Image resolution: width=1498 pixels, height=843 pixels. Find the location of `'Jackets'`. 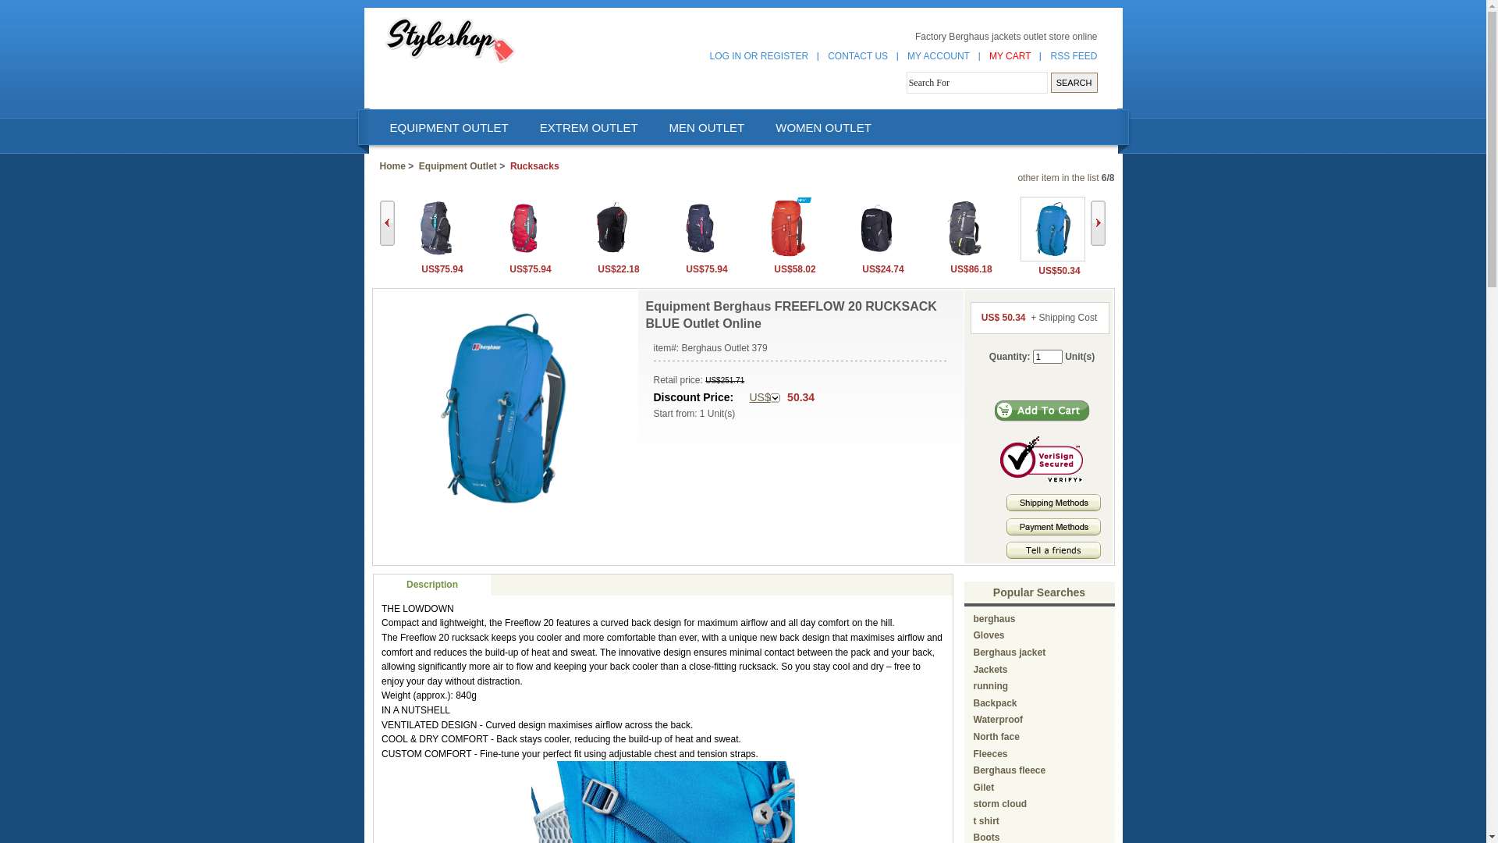

'Jackets' is located at coordinates (990, 668).